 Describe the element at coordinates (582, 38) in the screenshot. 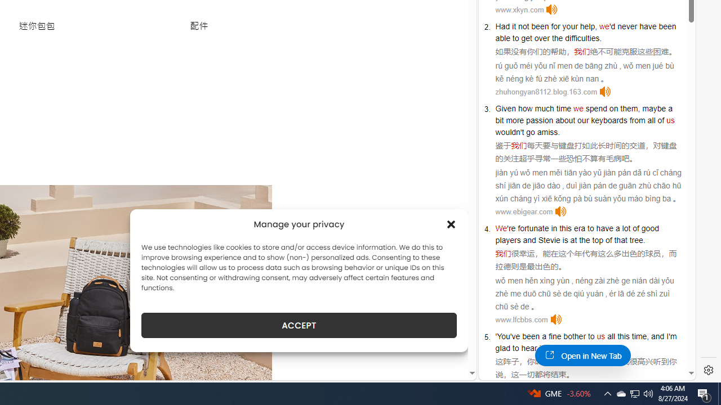

I see `'difficulties'` at that location.